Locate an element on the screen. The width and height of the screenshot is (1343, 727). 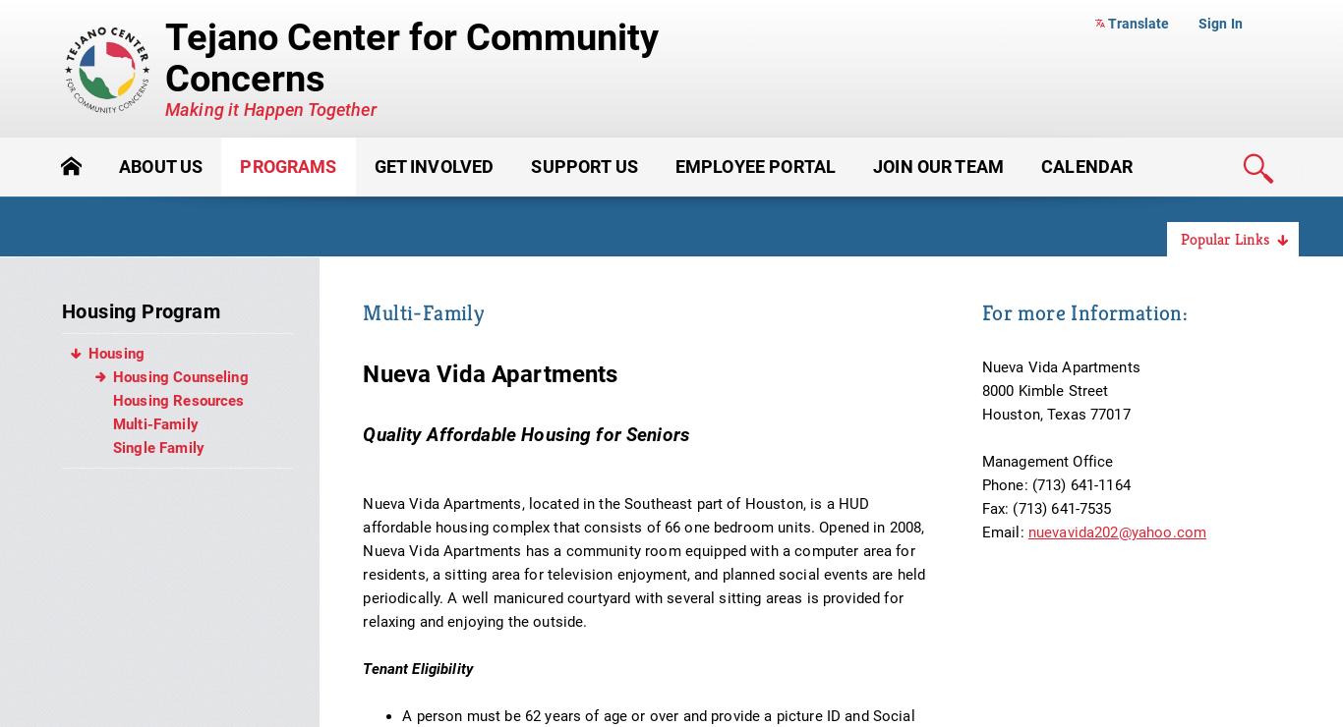
'Making it Happen Together' is located at coordinates (269, 109).